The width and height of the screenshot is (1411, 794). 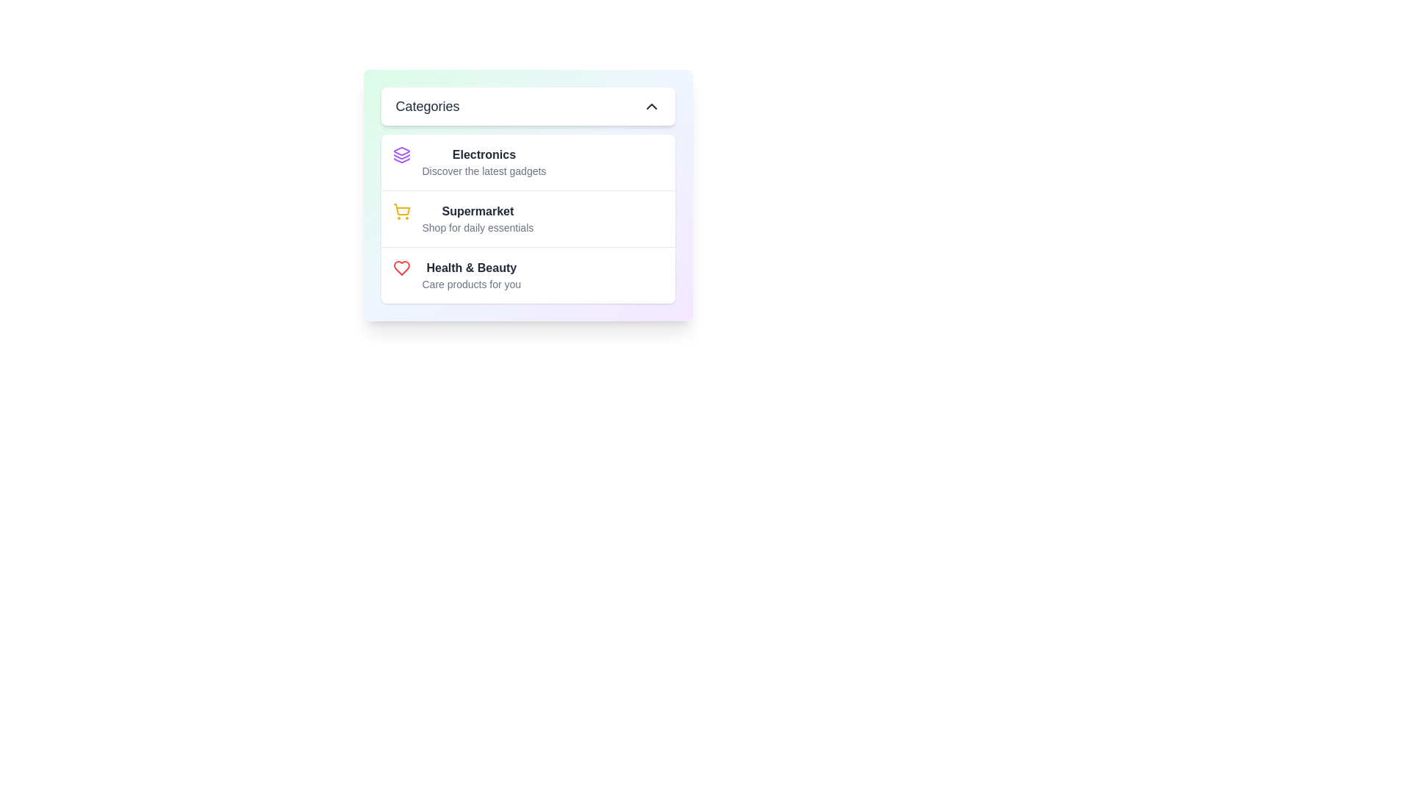 What do you see at coordinates (471, 268) in the screenshot?
I see `text content of the 'Health & Beauty' label located in the Categories section of the menu, which is displayed in a bold, dark gray font` at bounding box center [471, 268].